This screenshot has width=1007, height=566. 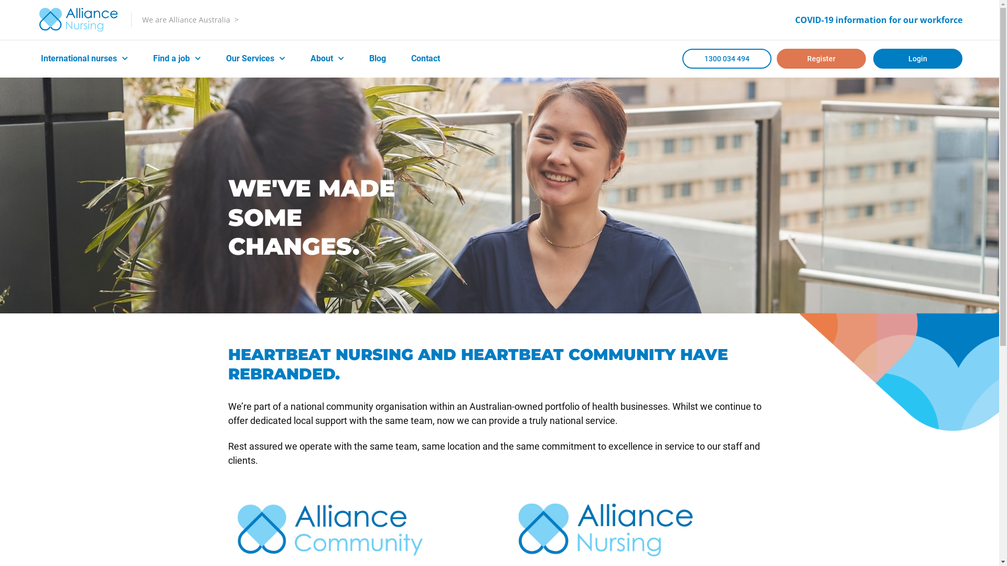 What do you see at coordinates (425, 58) in the screenshot?
I see `'Contact'` at bounding box center [425, 58].